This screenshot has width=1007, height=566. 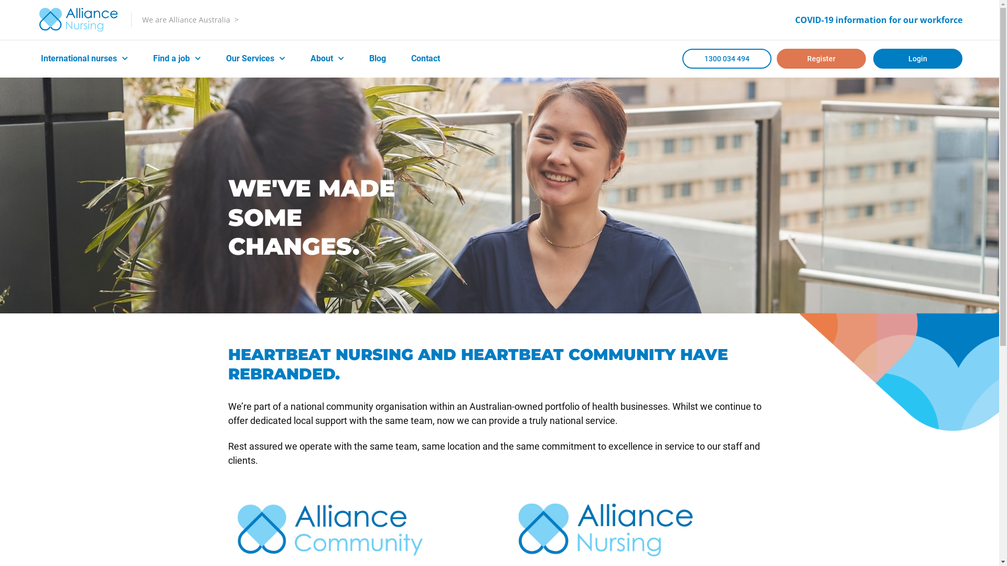 What do you see at coordinates (425, 58) in the screenshot?
I see `'Contact'` at bounding box center [425, 58].